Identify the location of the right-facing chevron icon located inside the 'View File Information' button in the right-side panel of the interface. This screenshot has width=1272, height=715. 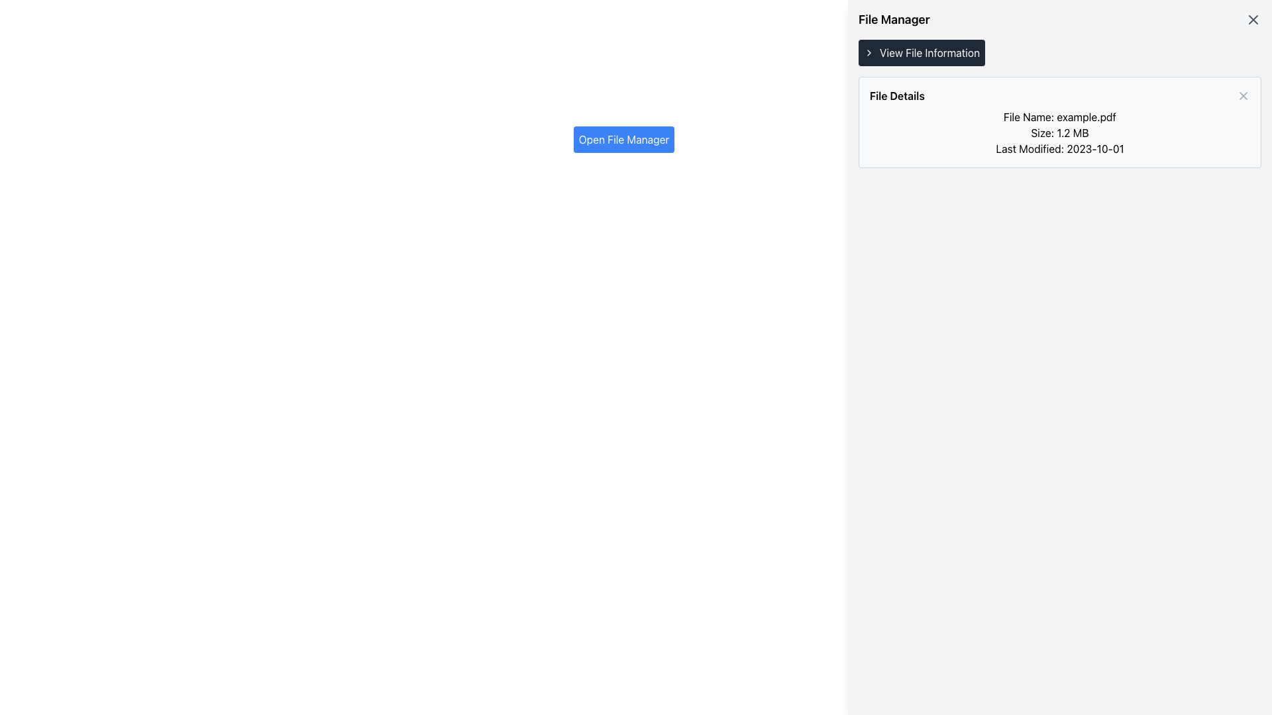
(869, 52).